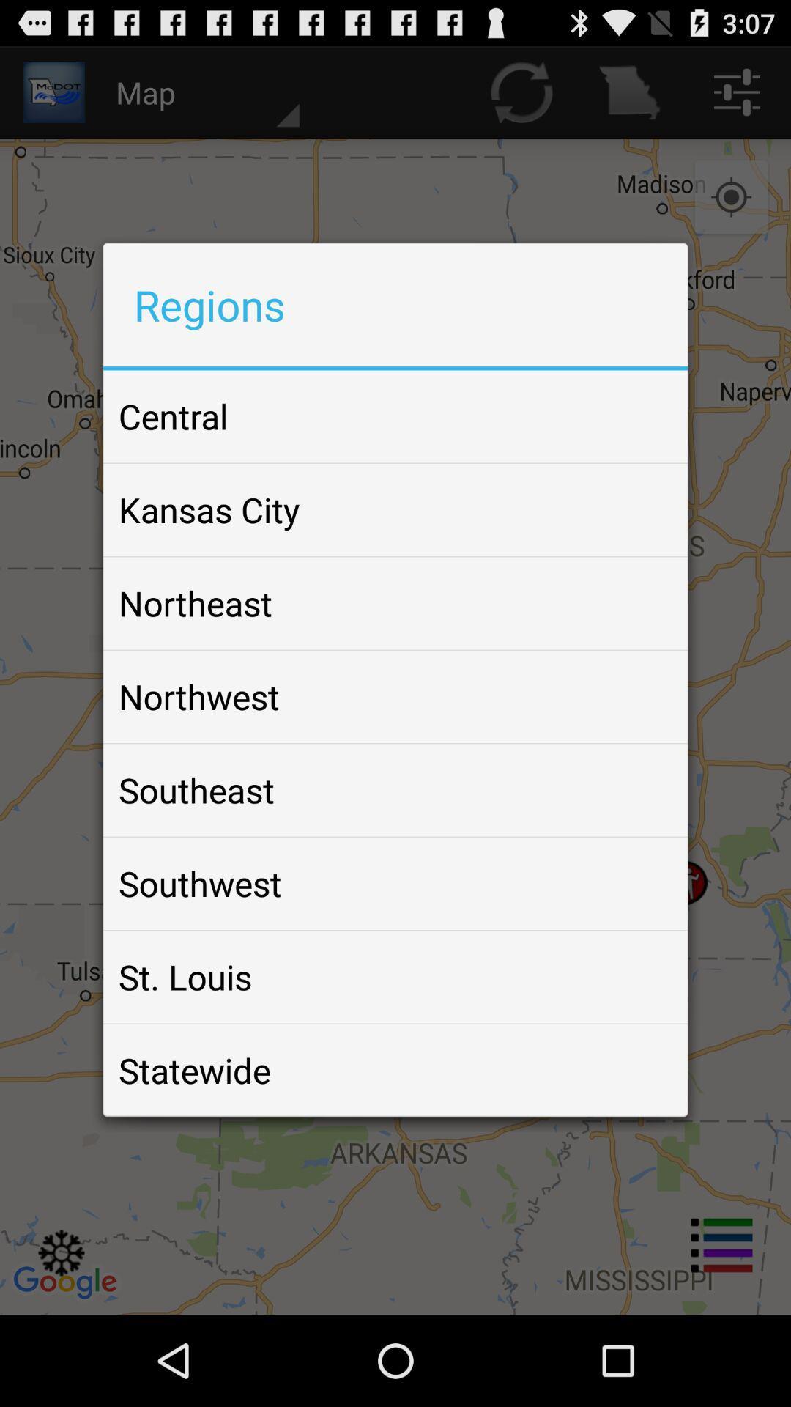  What do you see at coordinates (640, 416) in the screenshot?
I see `the item next to the central` at bounding box center [640, 416].